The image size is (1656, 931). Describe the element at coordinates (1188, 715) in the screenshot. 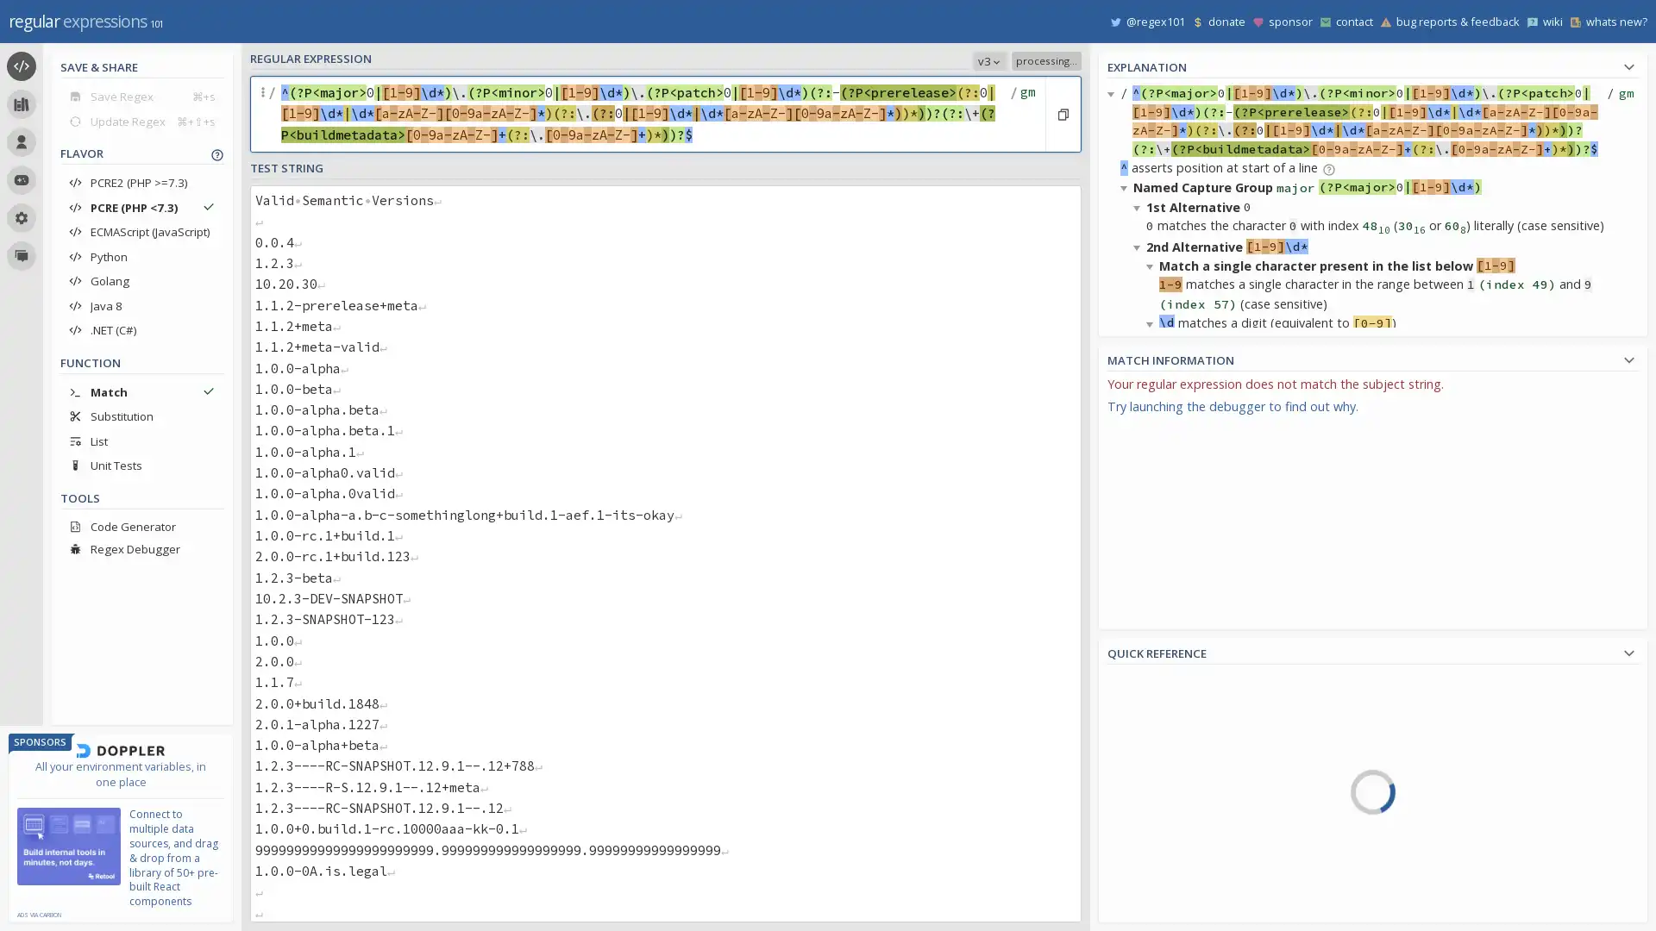

I see `All Tokens` at that location.